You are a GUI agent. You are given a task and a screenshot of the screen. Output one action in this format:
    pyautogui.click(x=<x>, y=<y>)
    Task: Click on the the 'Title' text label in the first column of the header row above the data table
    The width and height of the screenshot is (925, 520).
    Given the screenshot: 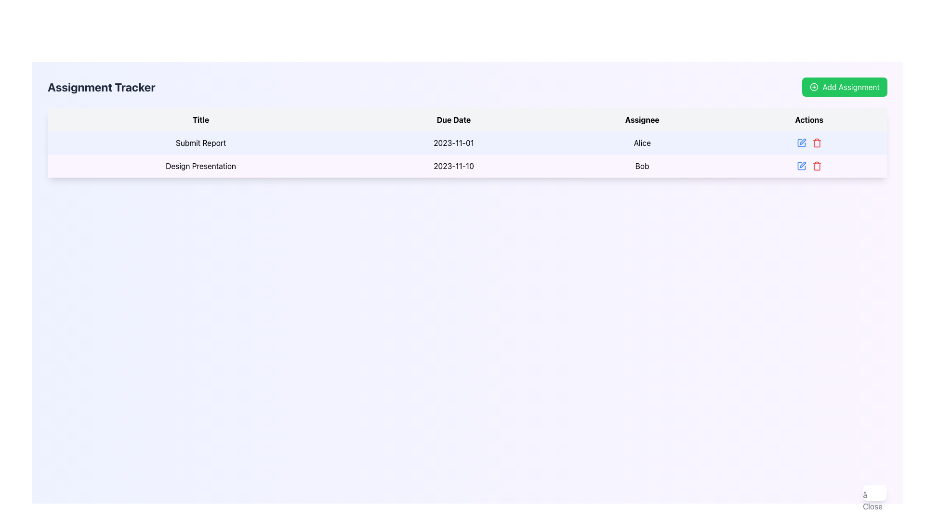 What is the action you would take?
    pyautogui.click(x=200, y=119)
    